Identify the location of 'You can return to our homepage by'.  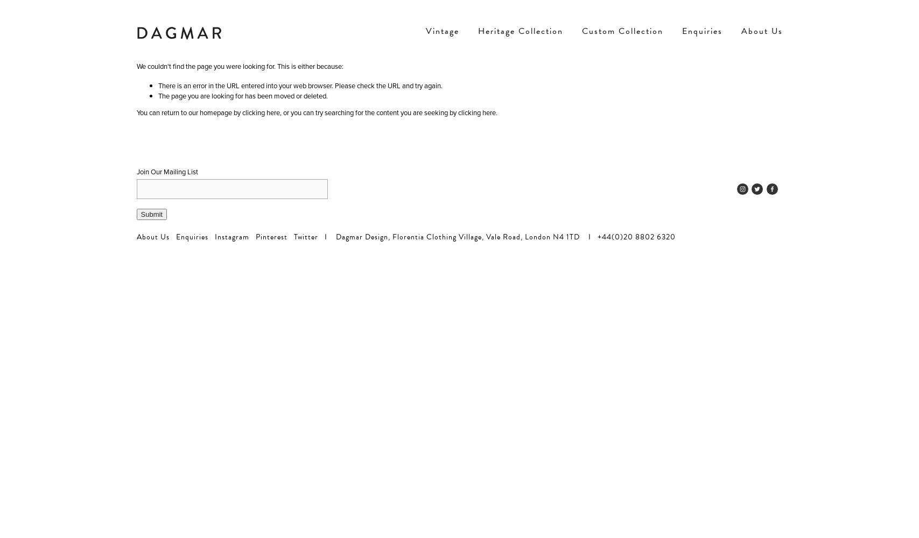
(188, 111).